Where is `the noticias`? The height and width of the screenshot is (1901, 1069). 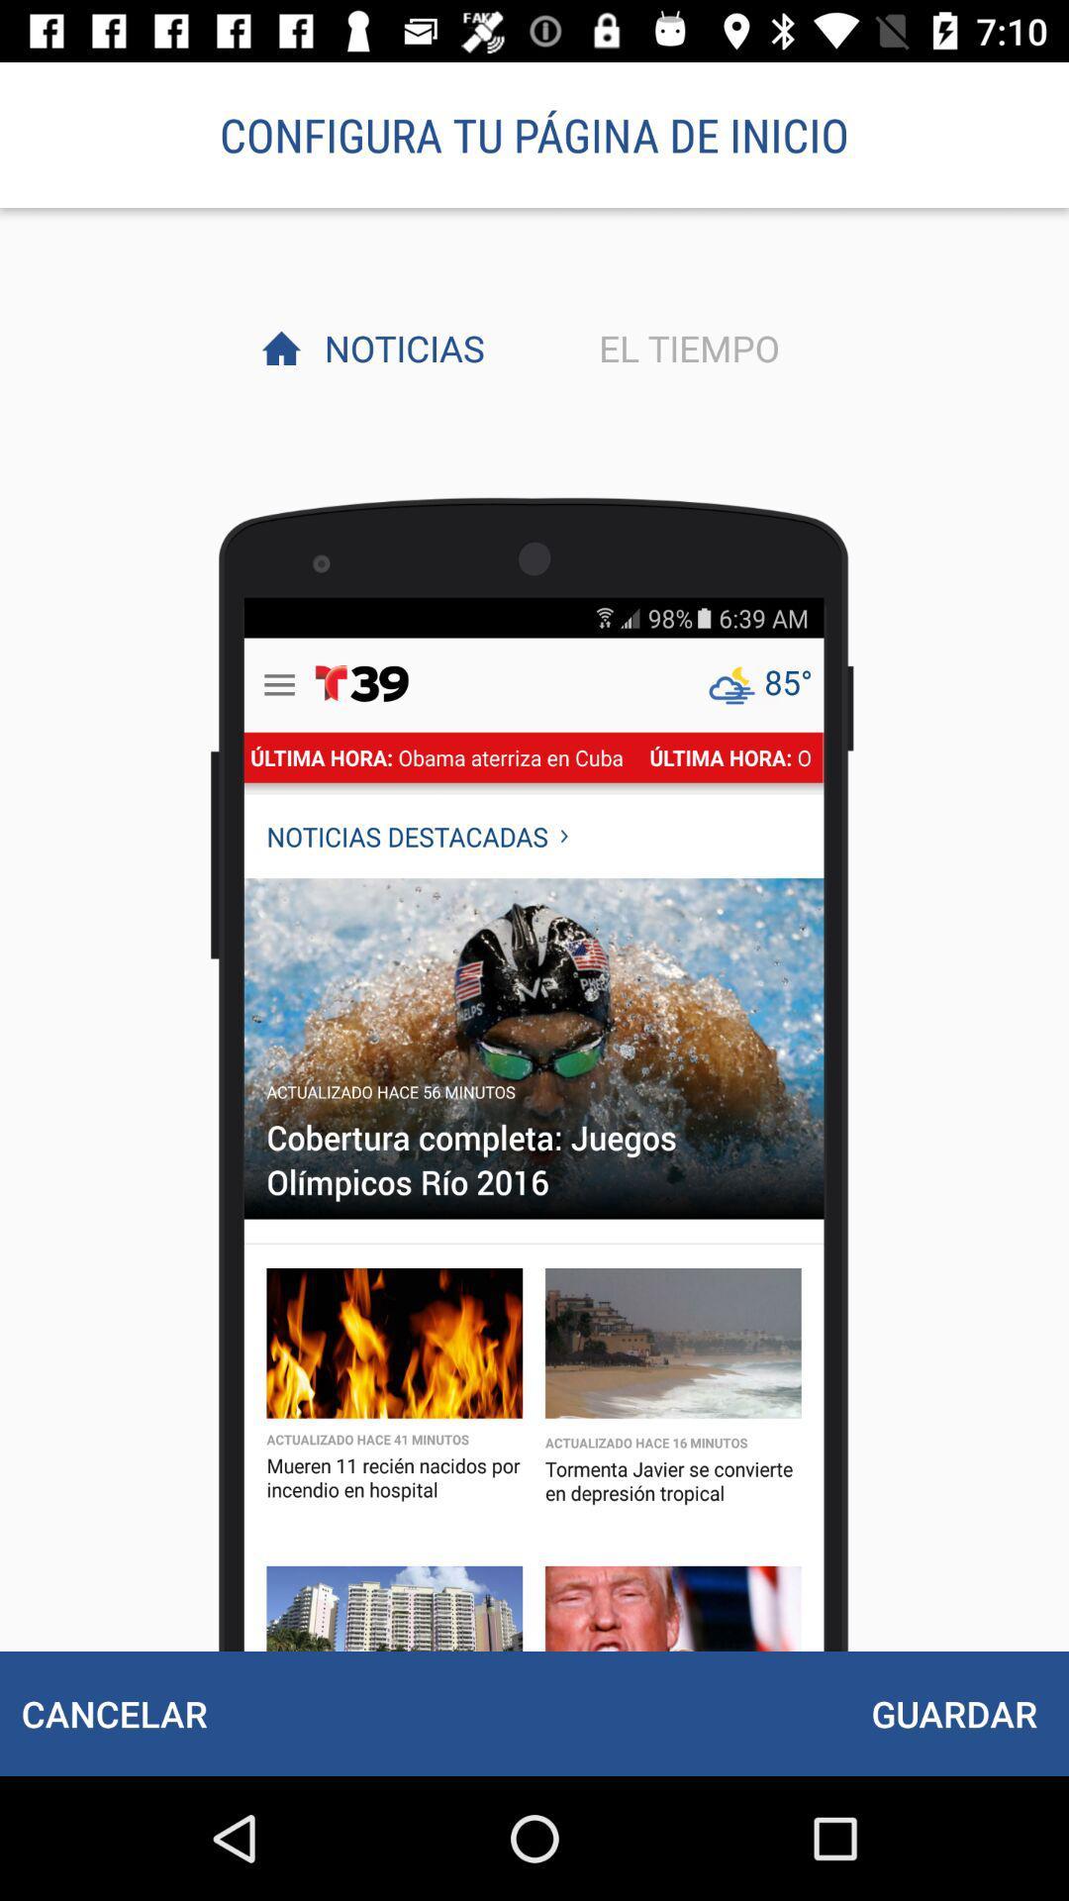
the noticias is located at coordinates (399, 348).